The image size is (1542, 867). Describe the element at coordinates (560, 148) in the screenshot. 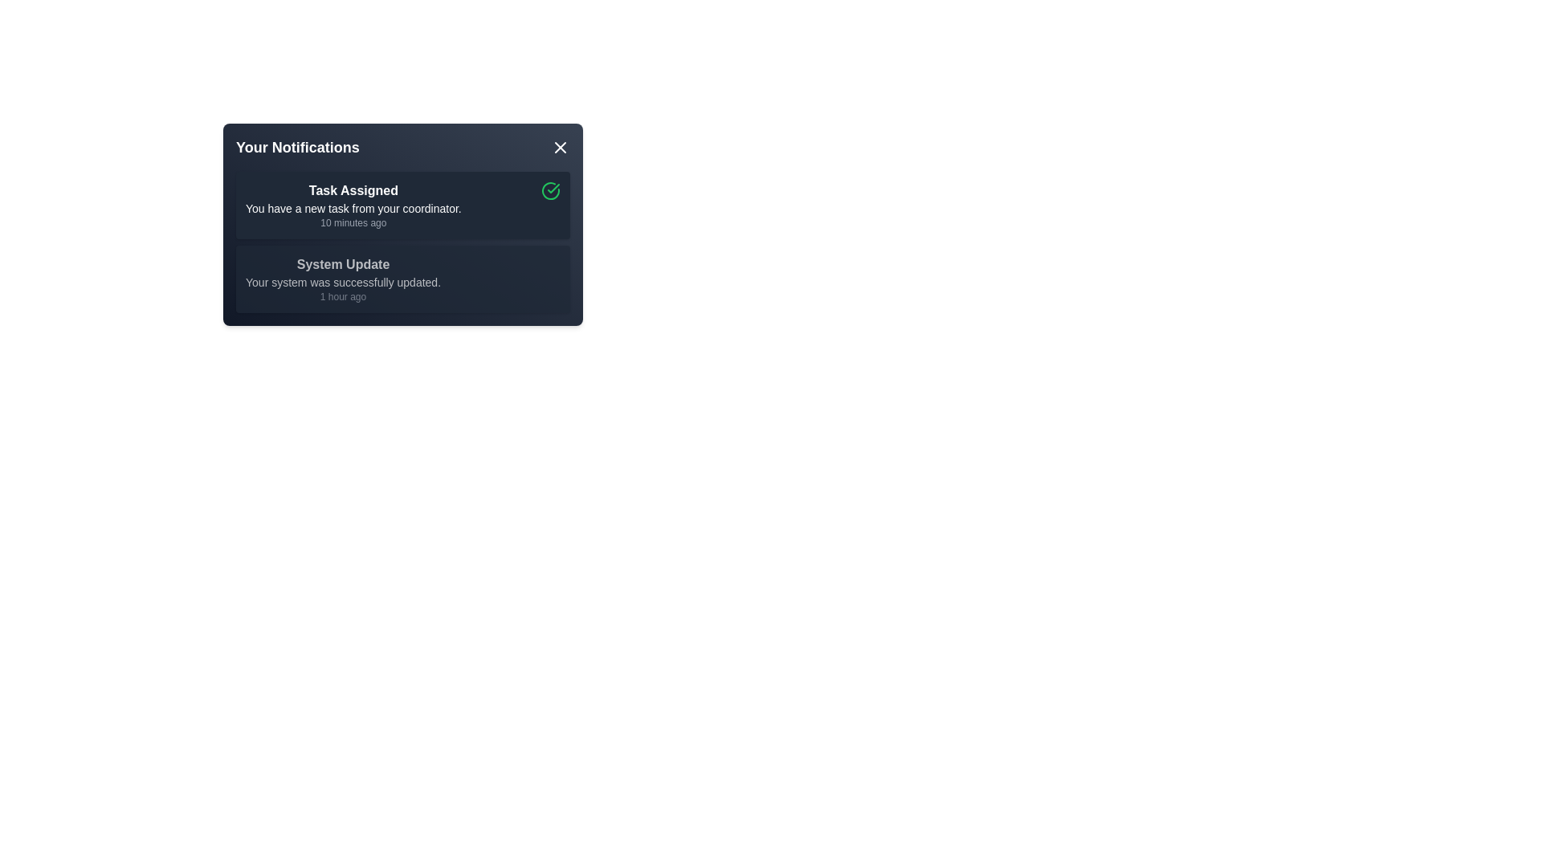

I see `the Close Icon (SVG) located in the top-right corner of the notification panel` at that location.